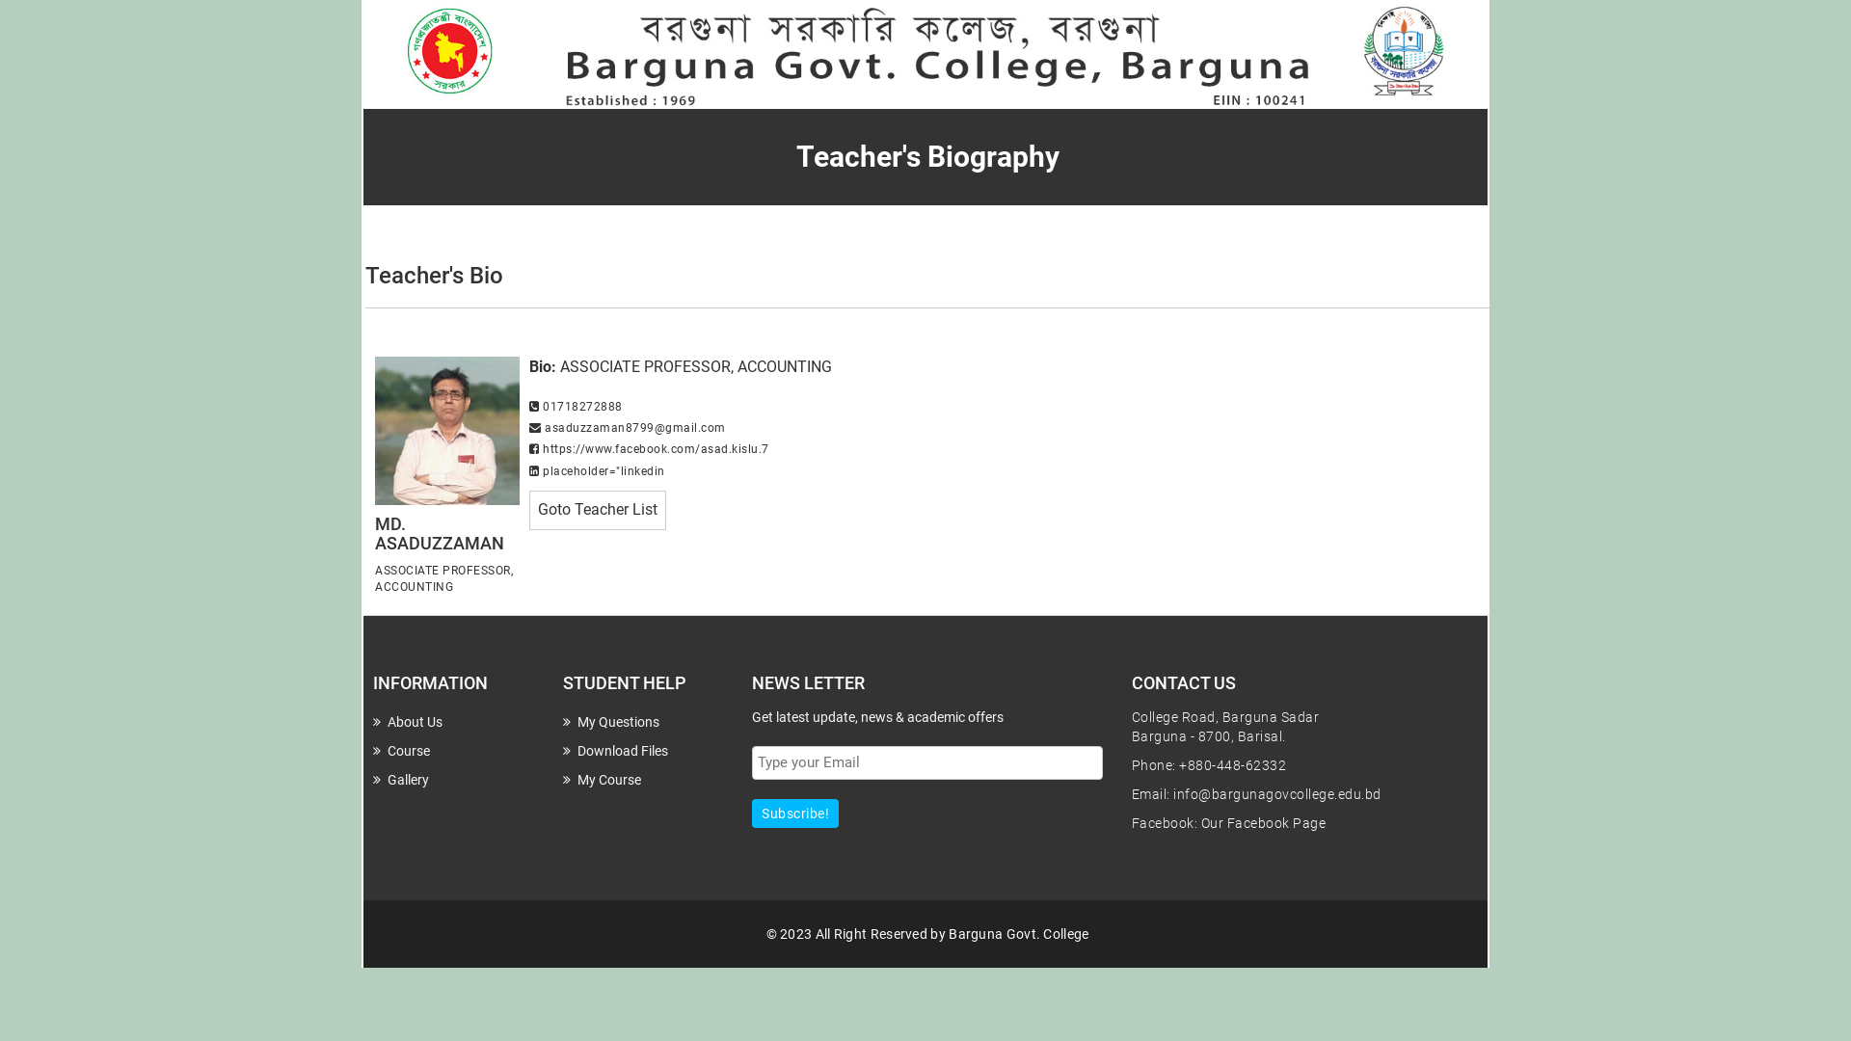  Describe the element at coordinates (562, 721) in the screenshot. I see `'My Questions'` at that location.